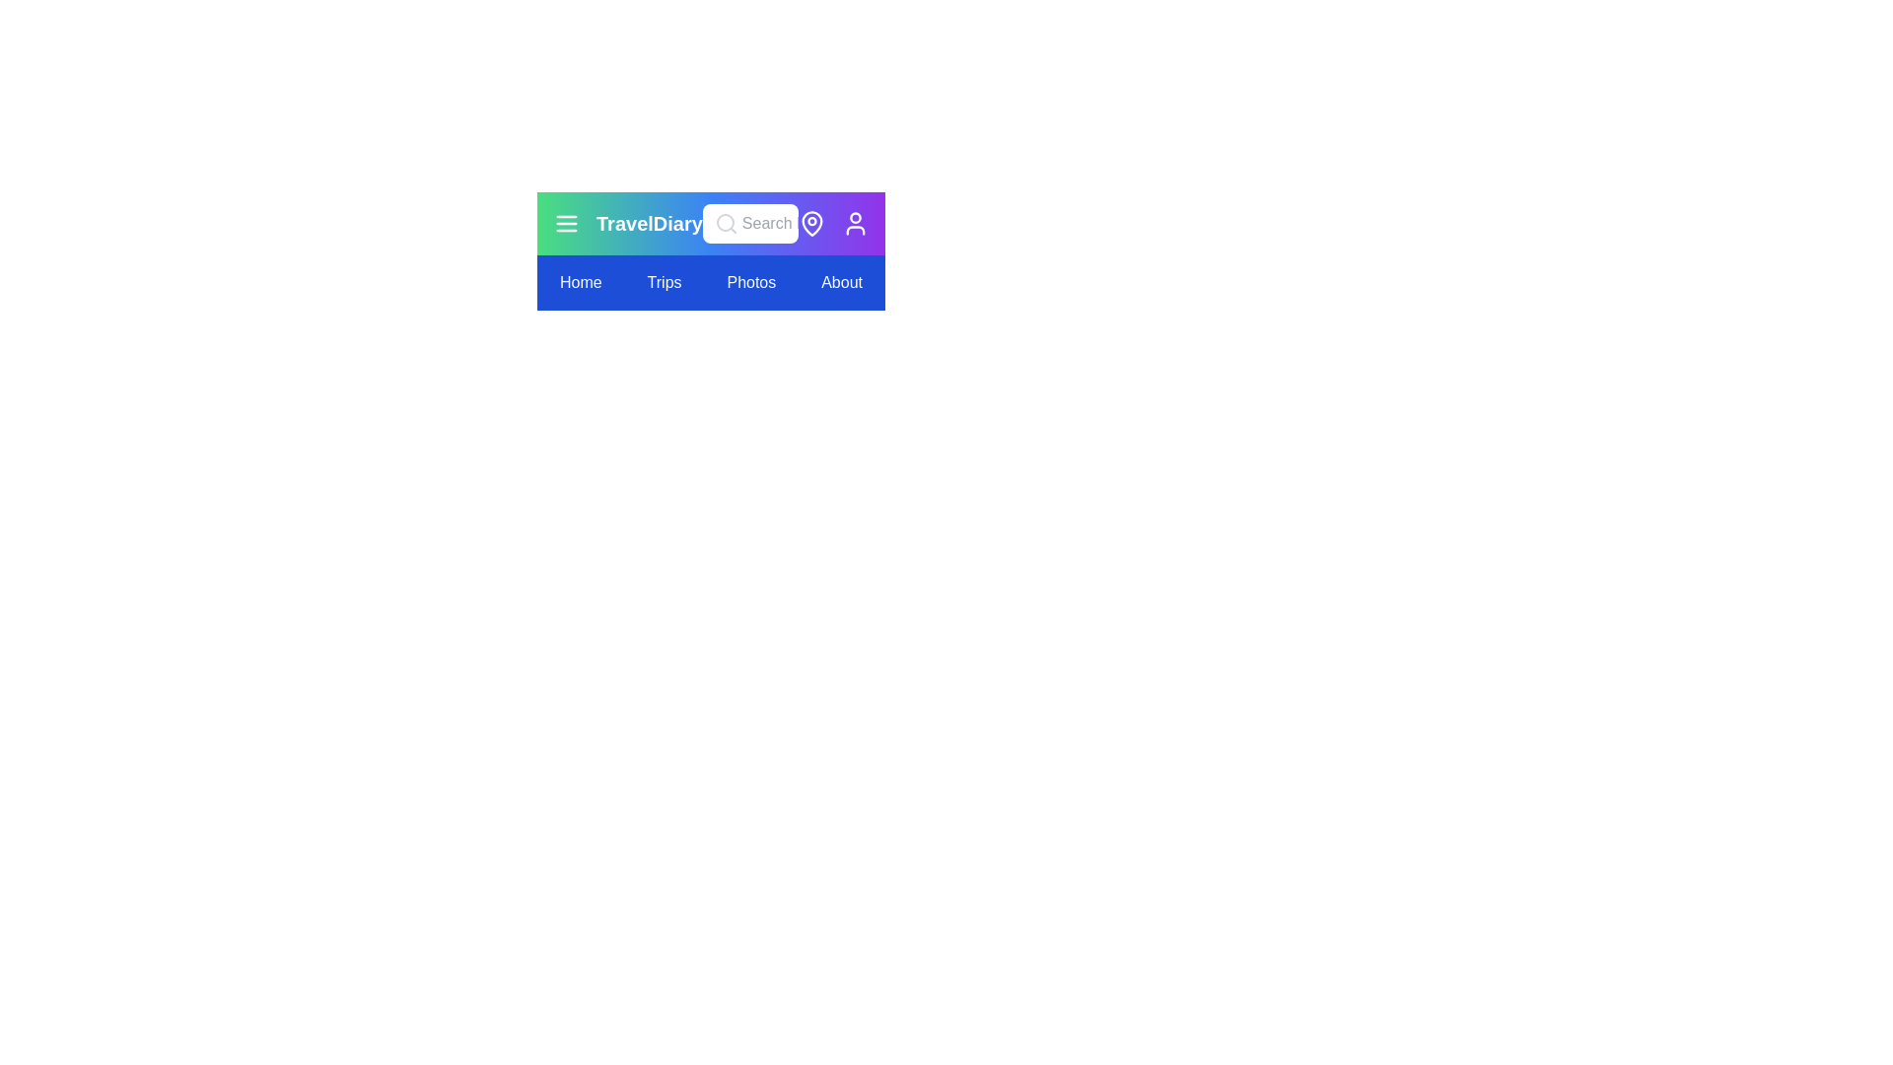 This screenshot has height=1065, width=1893. I want to click on user icon to access user settings, so click(856, 223).